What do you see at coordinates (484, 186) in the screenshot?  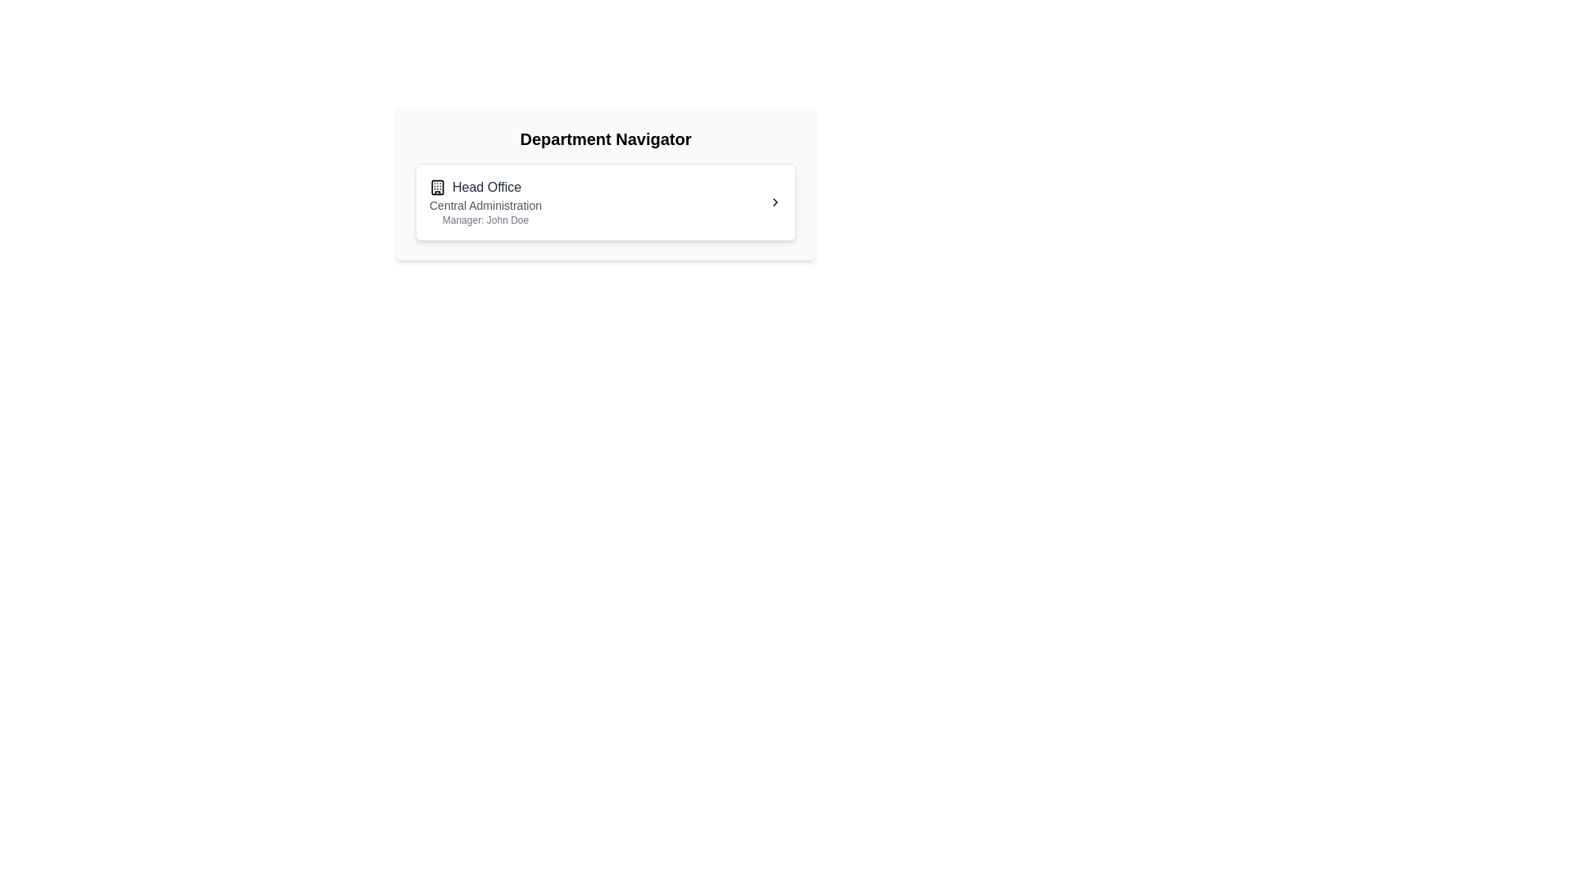 I see `the 'Head Office' text with the small building icon on the left, located within the title section of the white card in the Department Navigator interface` at bounding box center [484, 186].